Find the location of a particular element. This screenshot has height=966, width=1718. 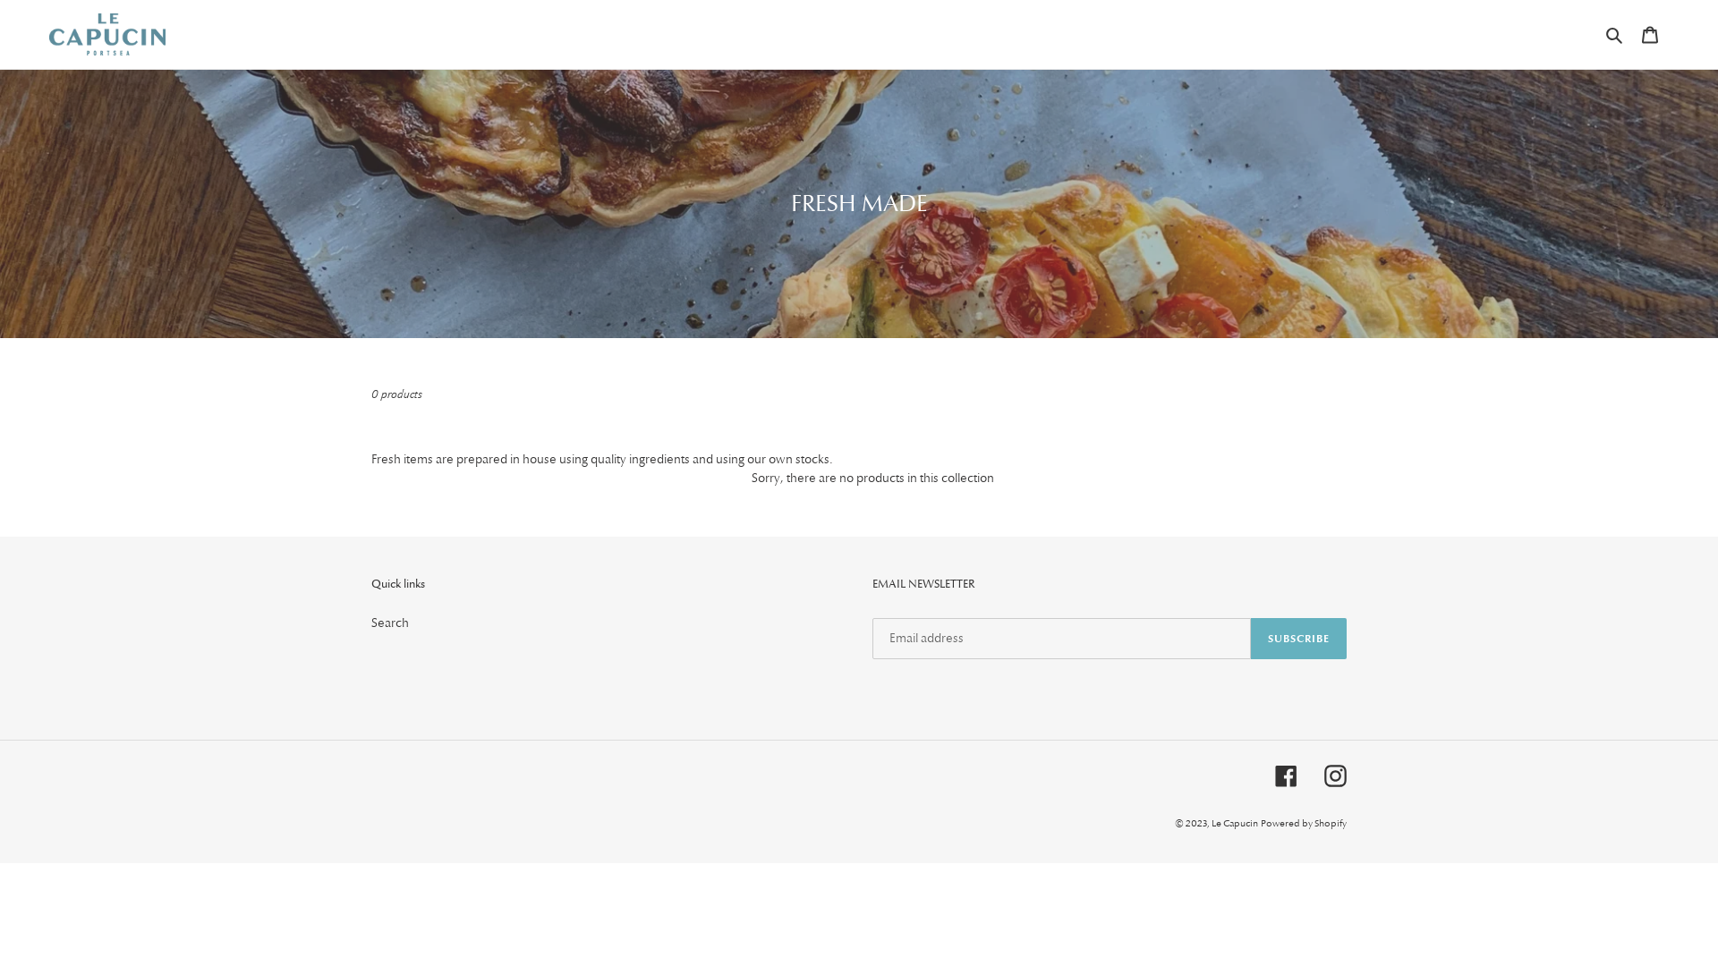

'Instagram' is located at coordinates (1335, 775).